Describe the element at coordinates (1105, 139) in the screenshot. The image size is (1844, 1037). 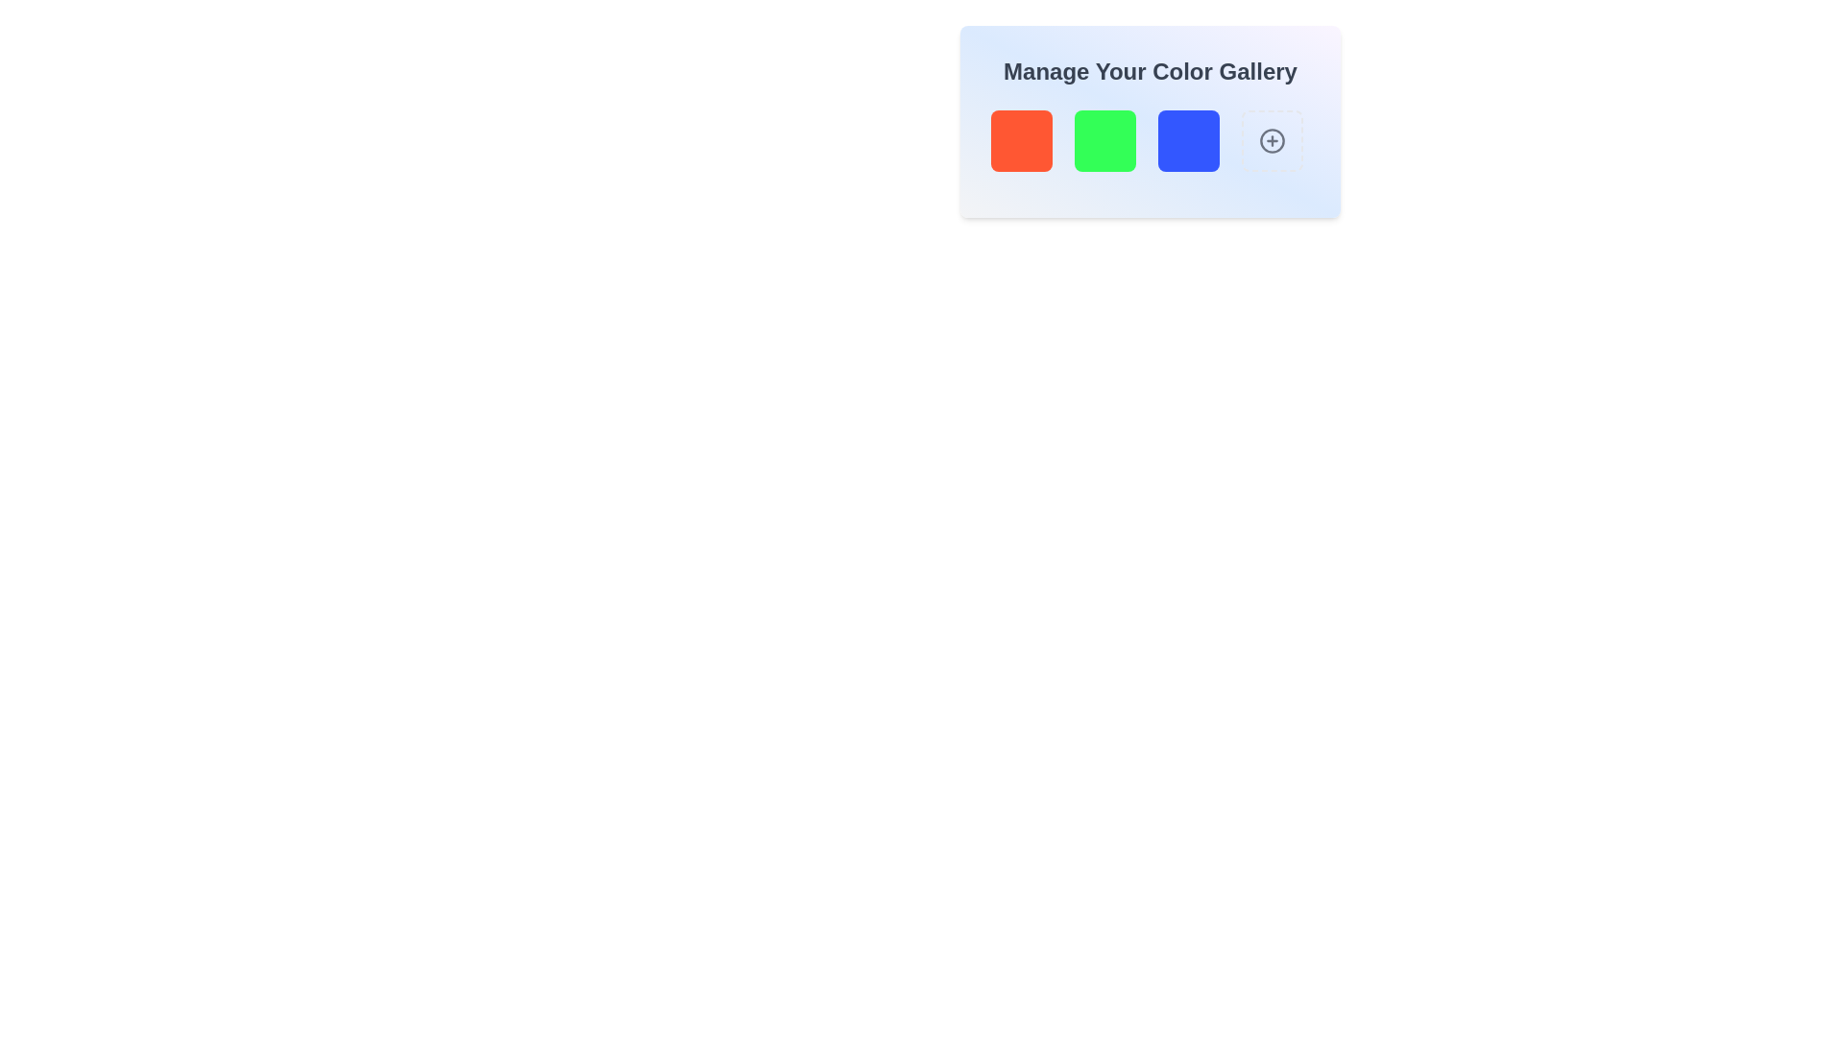
I see `the green square button with rounded corners to trigger a tooltip or visual change` at that location.